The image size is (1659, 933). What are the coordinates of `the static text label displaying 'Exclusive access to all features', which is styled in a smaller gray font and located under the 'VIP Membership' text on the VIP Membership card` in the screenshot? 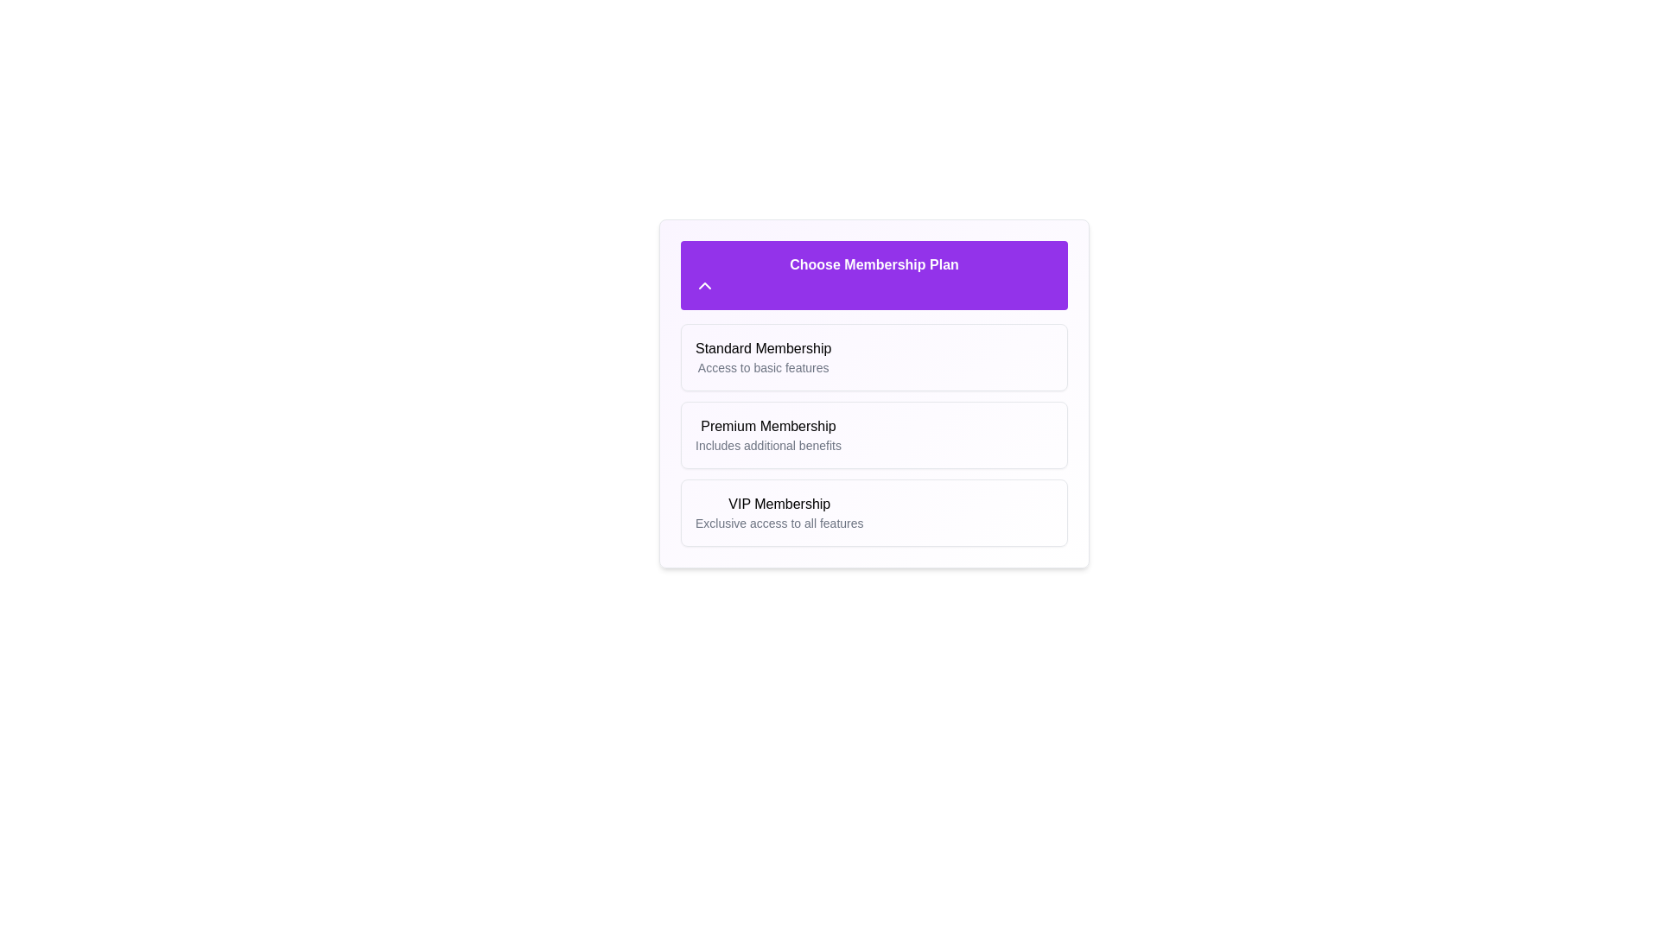 It's located at (779, 522).